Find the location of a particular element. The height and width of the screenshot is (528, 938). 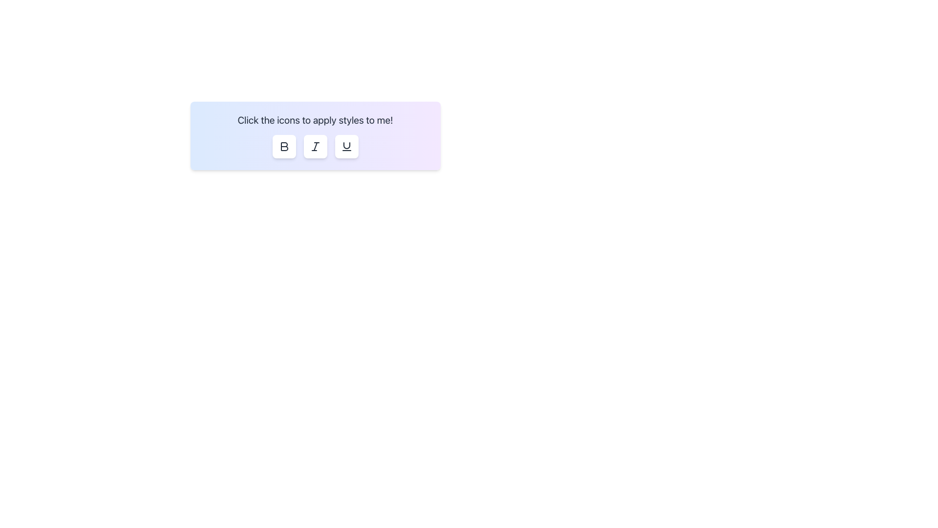

the rightmost button in a horizontal group of three buttons to apply an underline style to text is located at coordinates (346, 147).